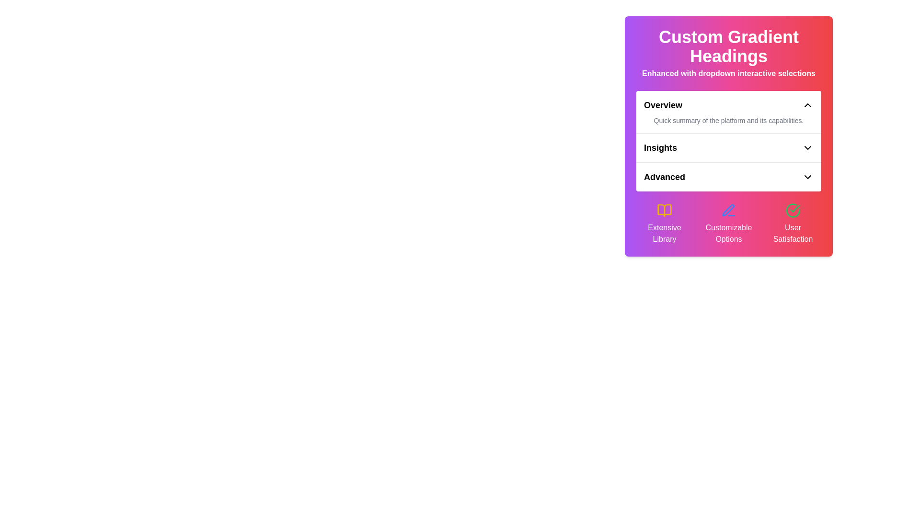 The width and height of the screenshot is (920, 517). What do you see at coordinates (728, 147) in the screenshot?
I see `the Dropdown button that toggles the 'Insights' menu, located in the middle of the white section labeled 'Overview' within the purple gradient-paneled interface` at bounding box center [728, 147].